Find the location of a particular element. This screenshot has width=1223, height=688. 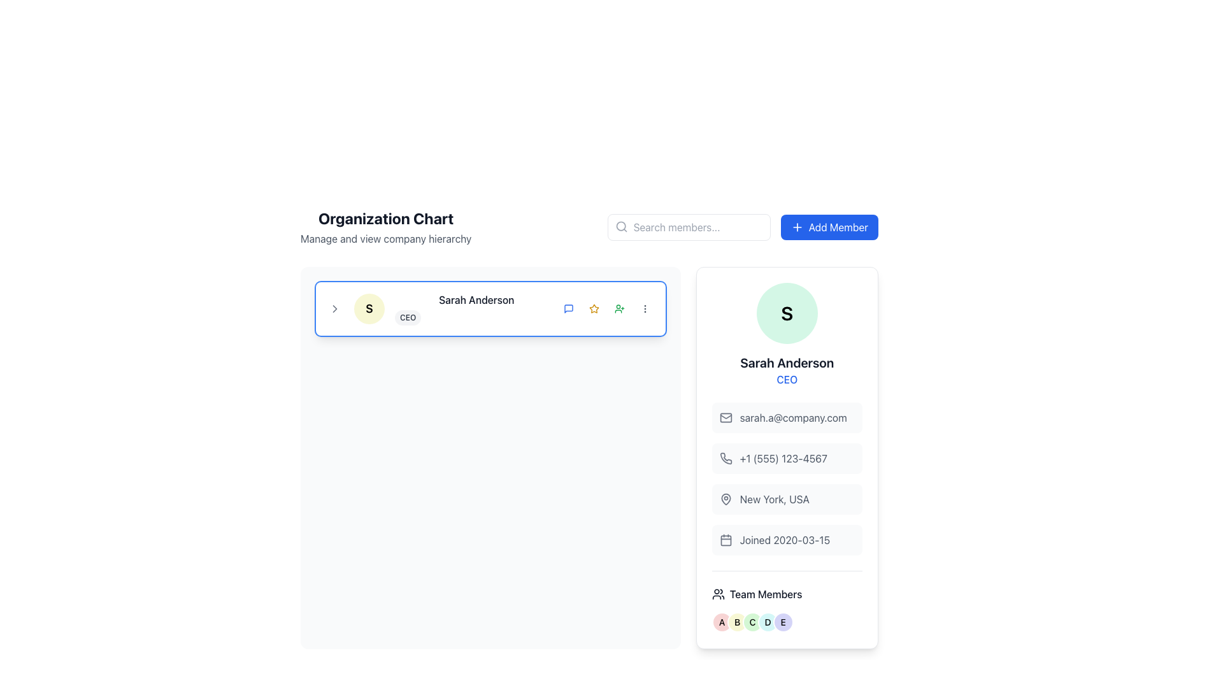

the Profile Initial Badge, which is a circular badge with a light yellow background and the letter 'S' in black bold font is located at coordinates (369, 309).